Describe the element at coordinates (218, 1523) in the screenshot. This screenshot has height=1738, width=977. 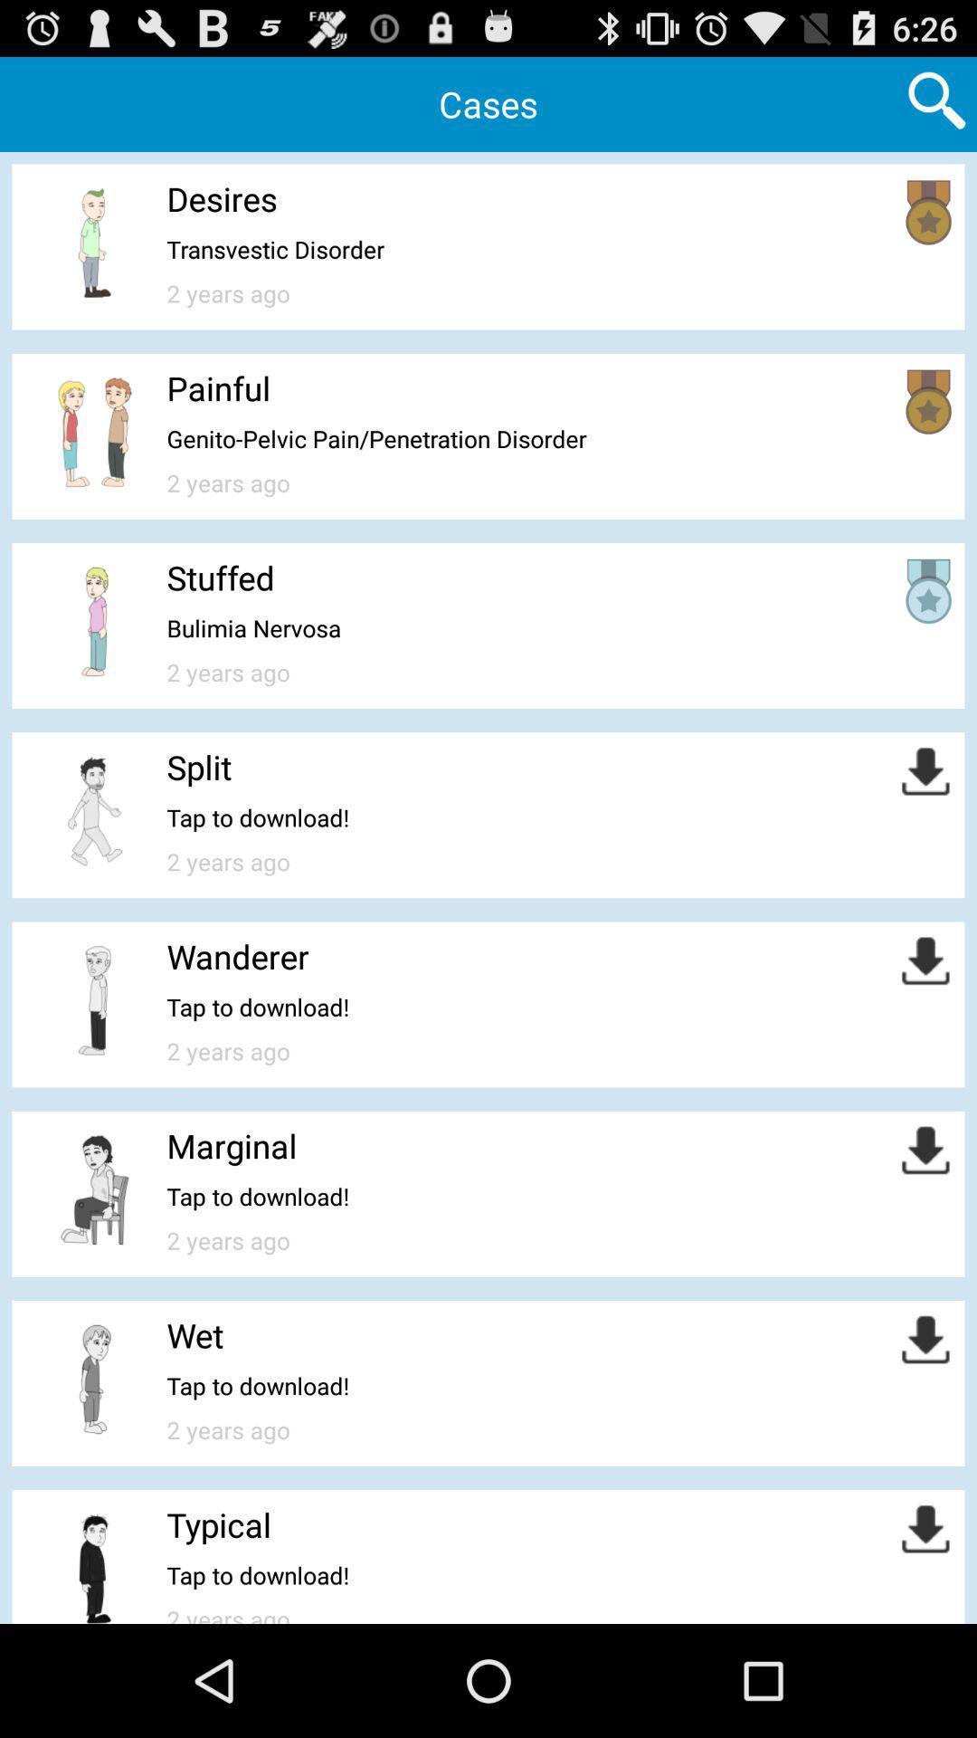
I see `app above the tap to download!` at that location.